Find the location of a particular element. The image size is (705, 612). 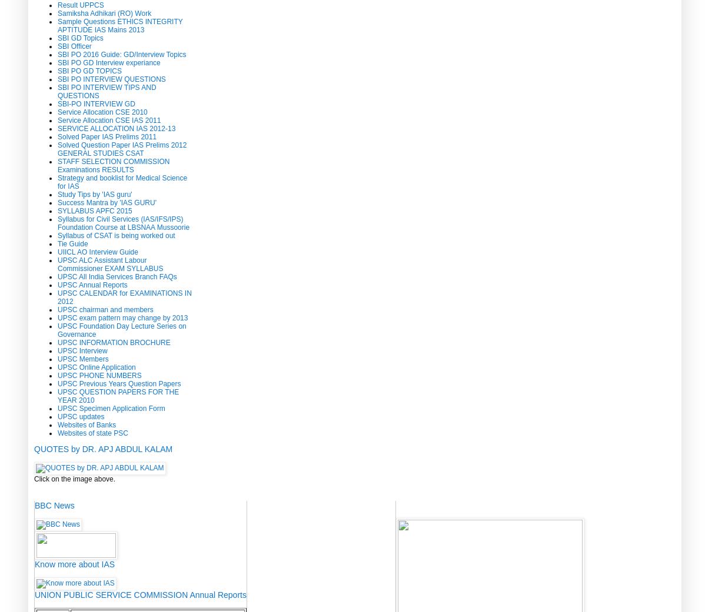

'Service Allocation CSE 2010' is located at coordinates (57, 111).